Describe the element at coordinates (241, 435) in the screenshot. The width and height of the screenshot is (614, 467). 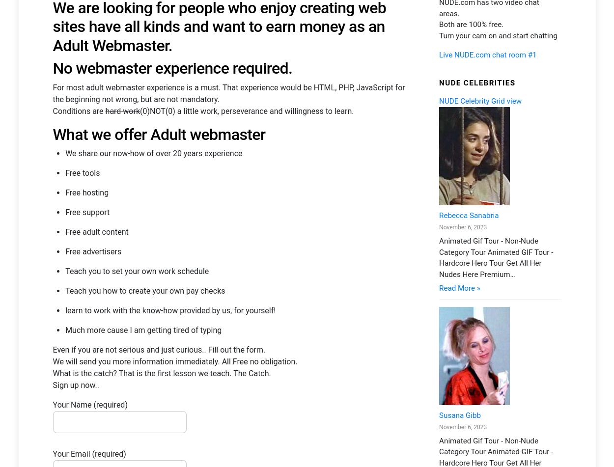
I see `'Themify WordPress Themes'` at that location.